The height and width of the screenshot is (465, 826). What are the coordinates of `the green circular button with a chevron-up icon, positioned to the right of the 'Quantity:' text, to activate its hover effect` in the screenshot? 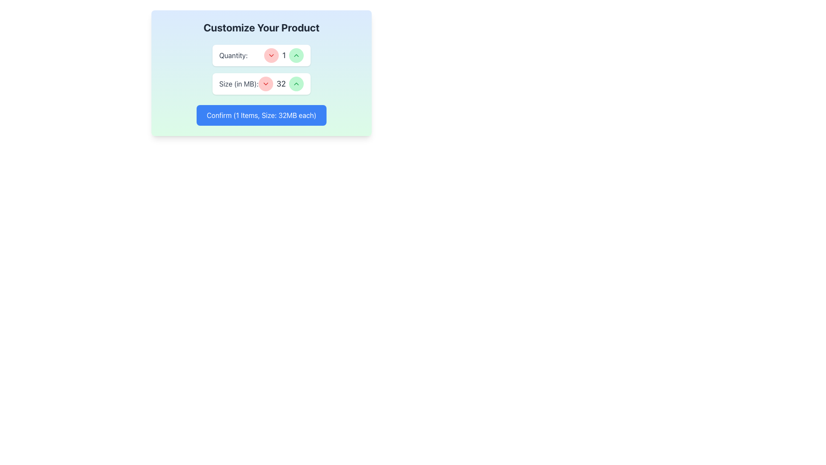 It's located at (296, 55).